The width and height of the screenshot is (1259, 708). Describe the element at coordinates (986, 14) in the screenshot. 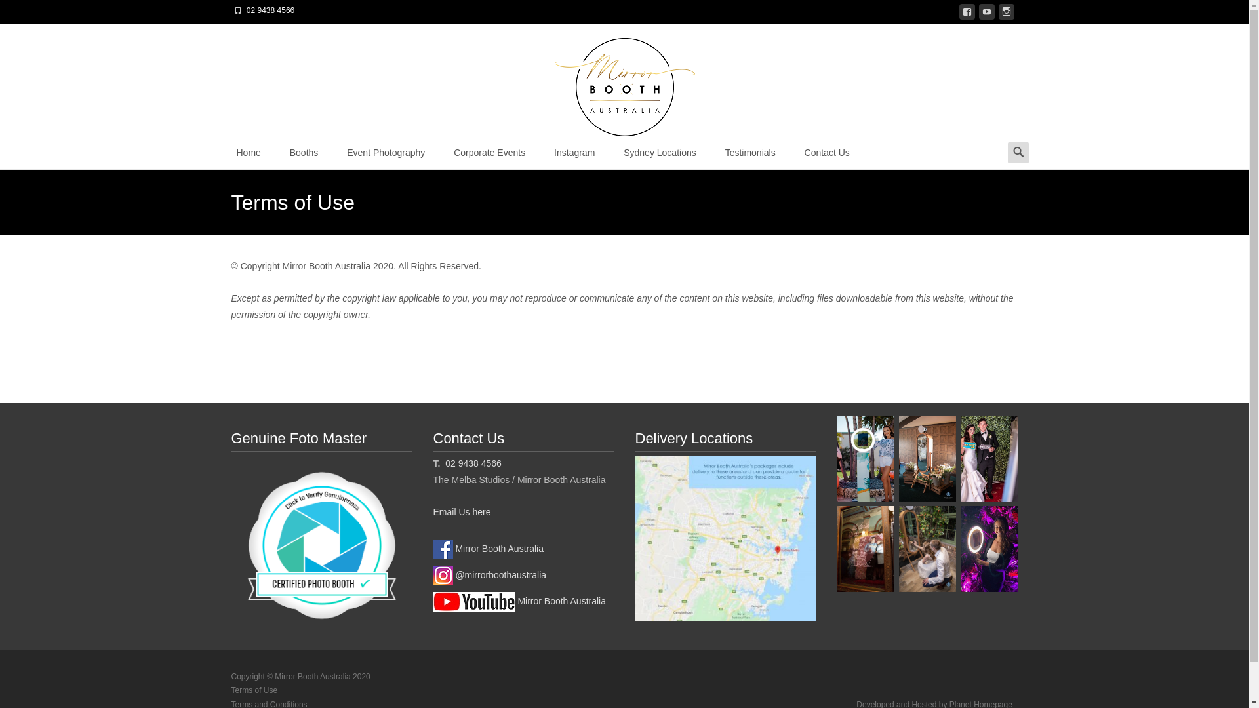

I see `'youtube'` at that location.